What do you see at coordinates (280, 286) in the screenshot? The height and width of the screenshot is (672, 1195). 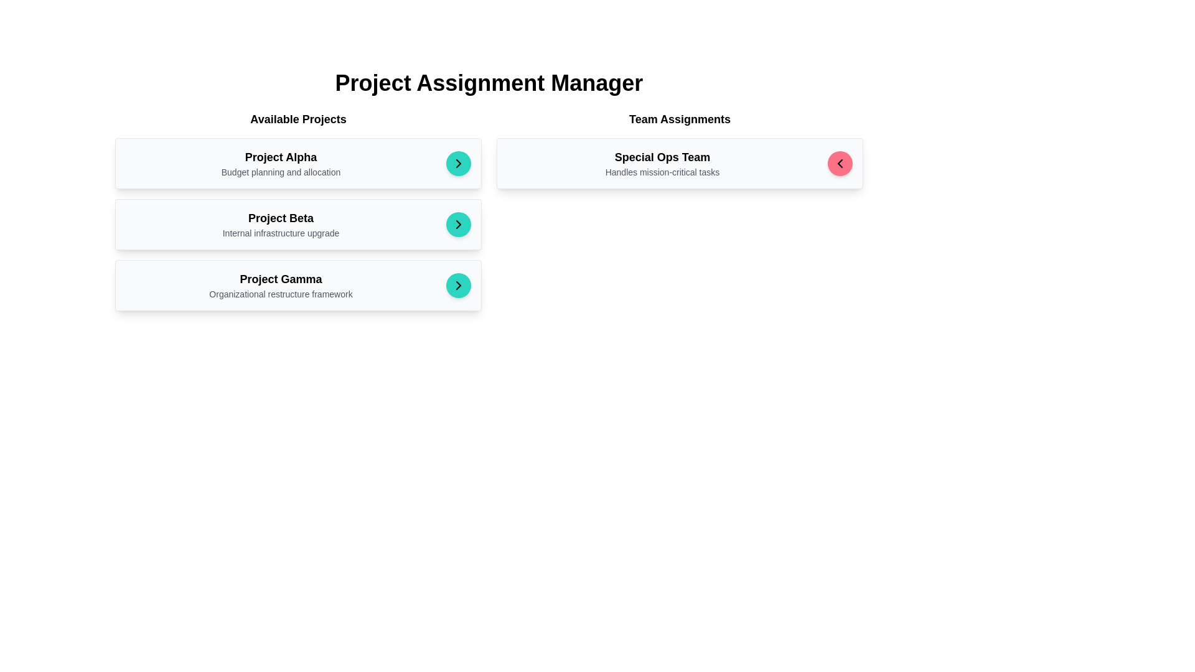 I see `the static text element titled 'Project Gamma', which features a bold title and a subtitle, located as the third card in the 'Available Projects' section` at bounding box center [280, 286].